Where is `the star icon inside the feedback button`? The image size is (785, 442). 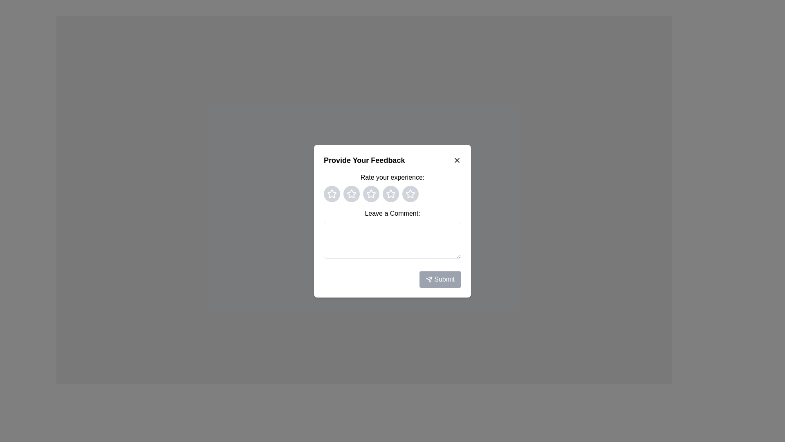 the star icon inside the feedback button is located at coordinates (390, 194).